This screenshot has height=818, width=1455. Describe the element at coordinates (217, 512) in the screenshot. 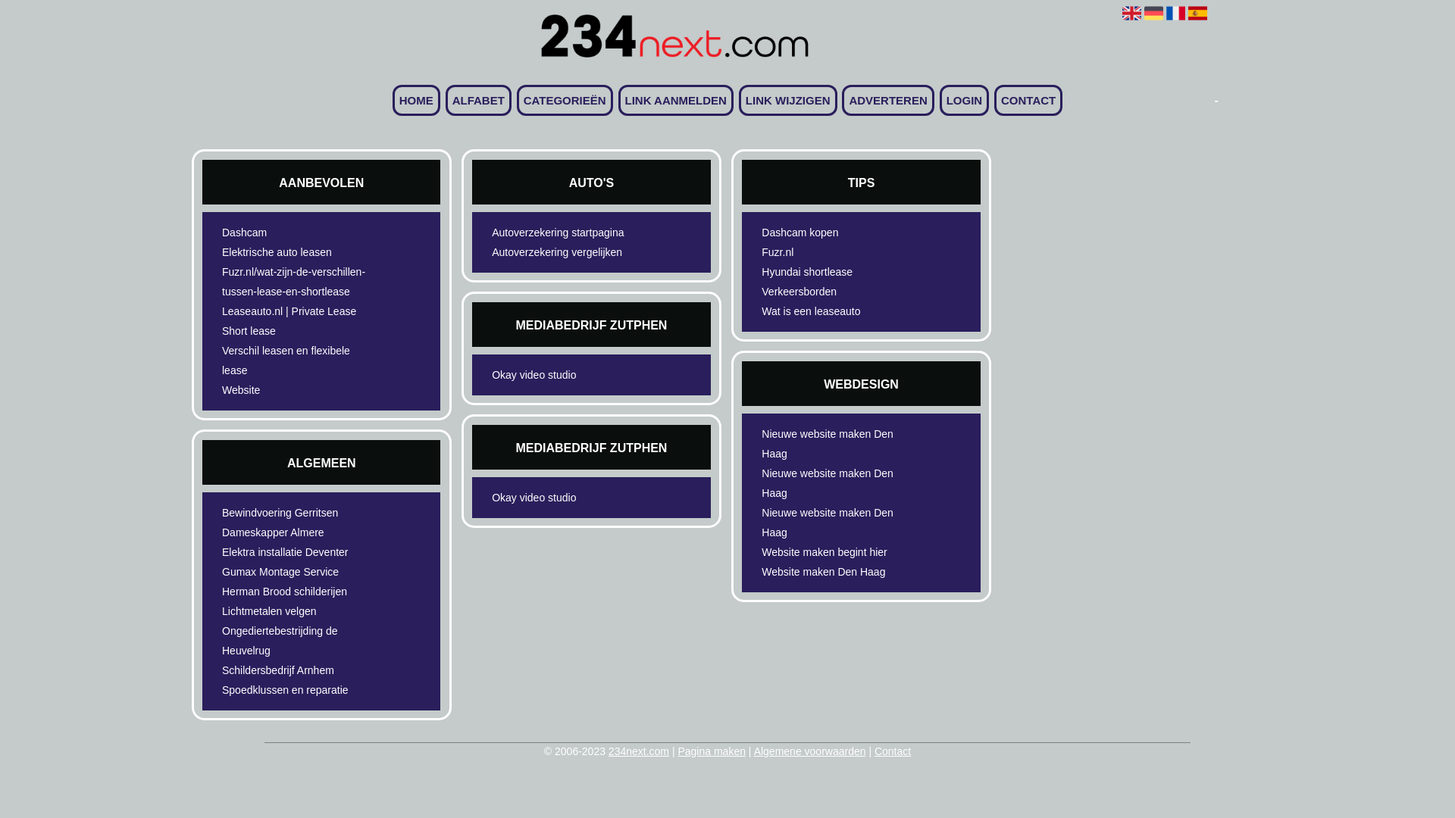

I see `'Bewindvoering Gerritsen'` at that location.